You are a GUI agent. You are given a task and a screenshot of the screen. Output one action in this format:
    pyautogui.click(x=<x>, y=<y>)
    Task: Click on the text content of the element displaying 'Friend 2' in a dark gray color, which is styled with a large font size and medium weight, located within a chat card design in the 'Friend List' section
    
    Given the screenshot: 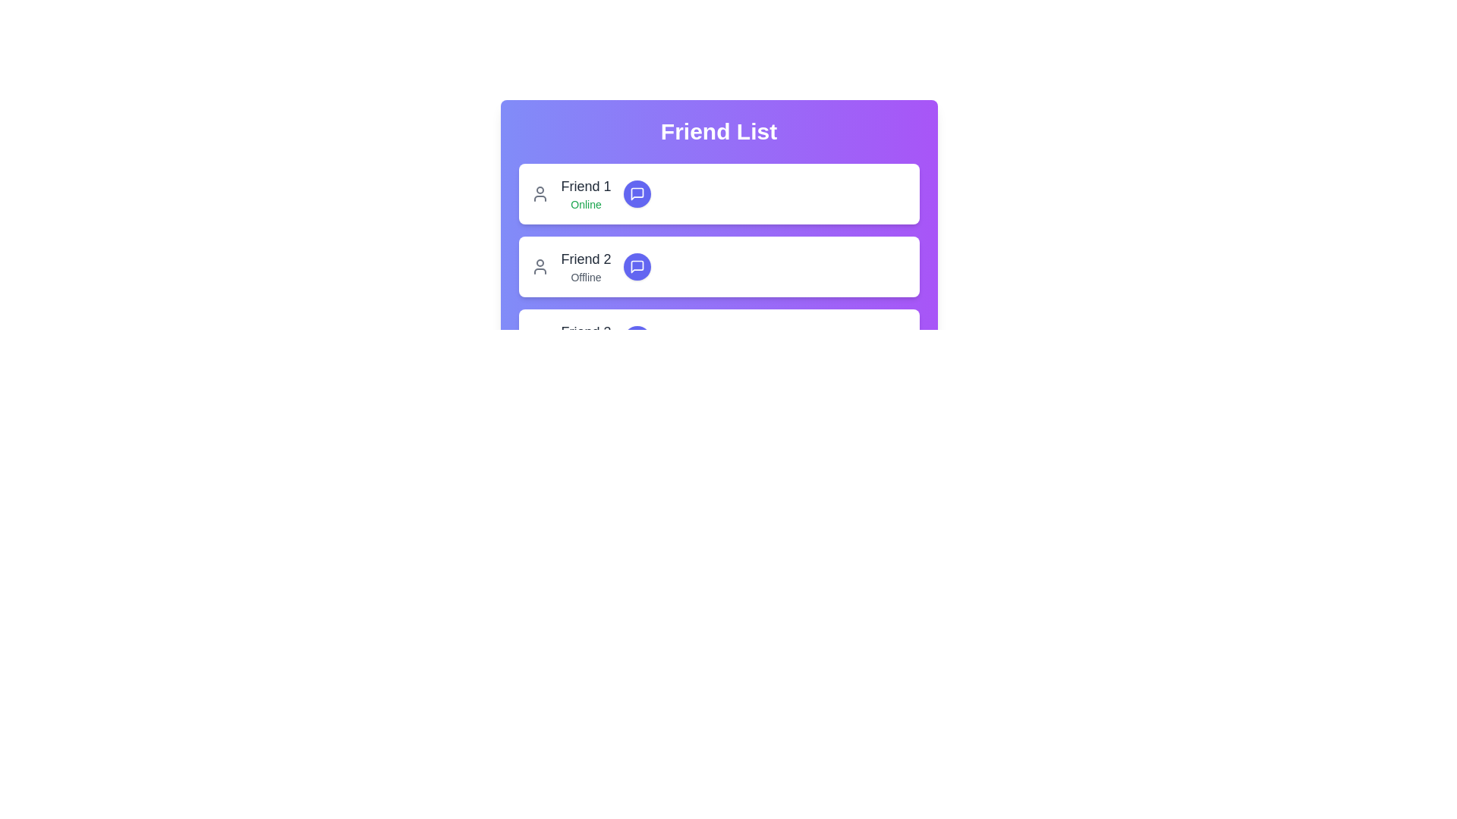 What is the action you would take?
    pyautogui.click(x=585, y=259)
    